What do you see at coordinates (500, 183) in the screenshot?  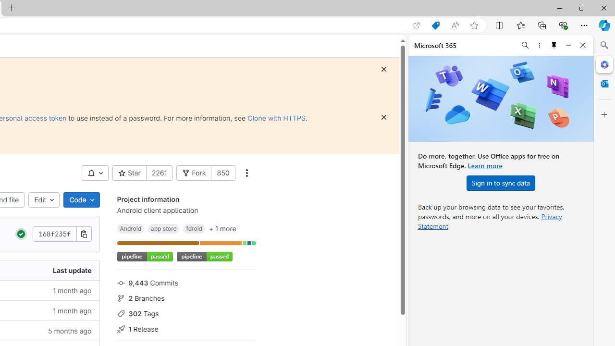 I see `'Sign in to sync data'` at bounding box center [500, 183].